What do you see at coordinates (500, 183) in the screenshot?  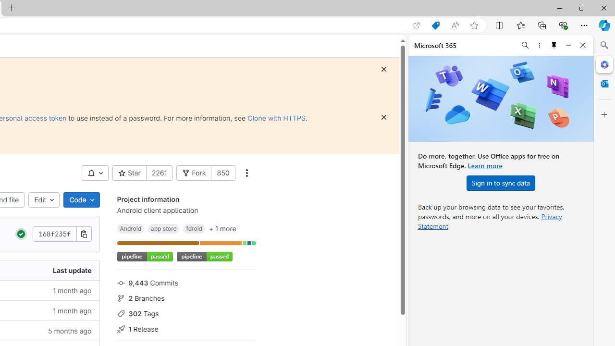 I see `'Sign in to sync data'` at bounding box center [500, 183].